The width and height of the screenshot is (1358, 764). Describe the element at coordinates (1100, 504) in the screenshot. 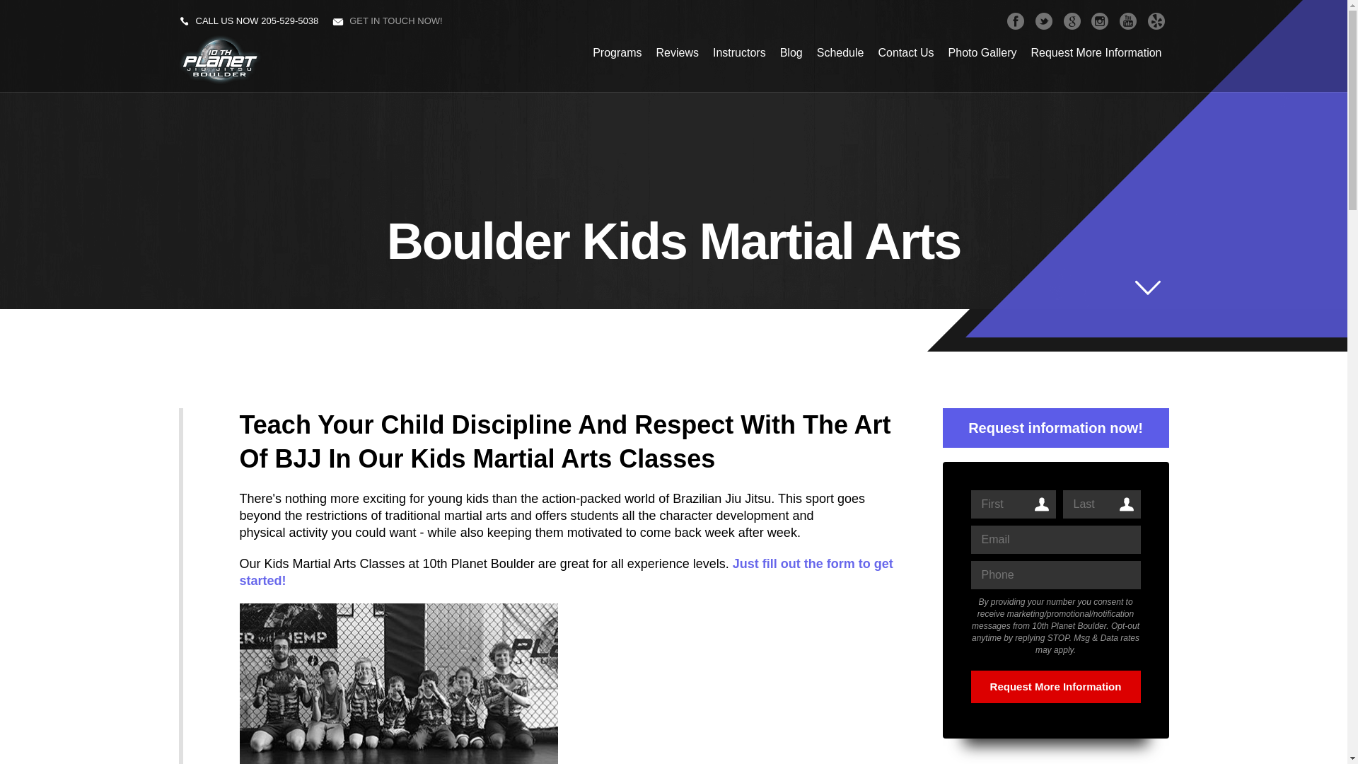

I see `'Last'` at that location.